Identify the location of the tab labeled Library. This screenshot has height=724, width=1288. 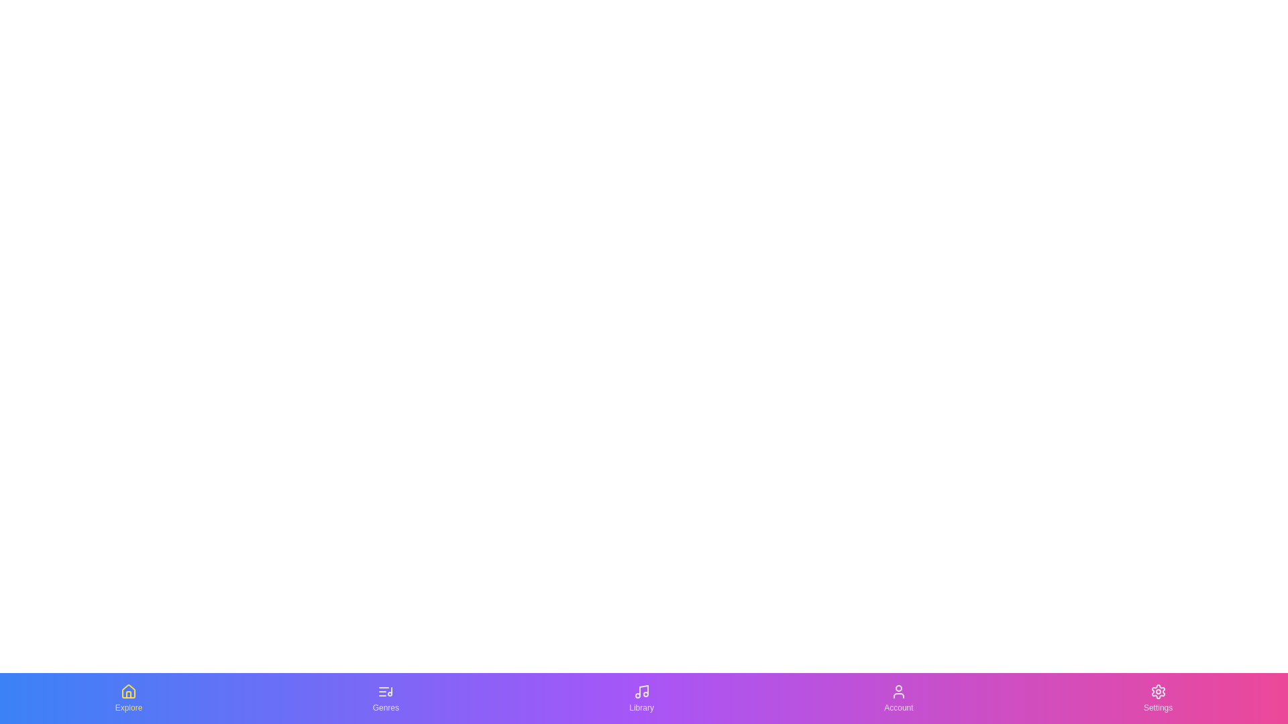
(640, 697).